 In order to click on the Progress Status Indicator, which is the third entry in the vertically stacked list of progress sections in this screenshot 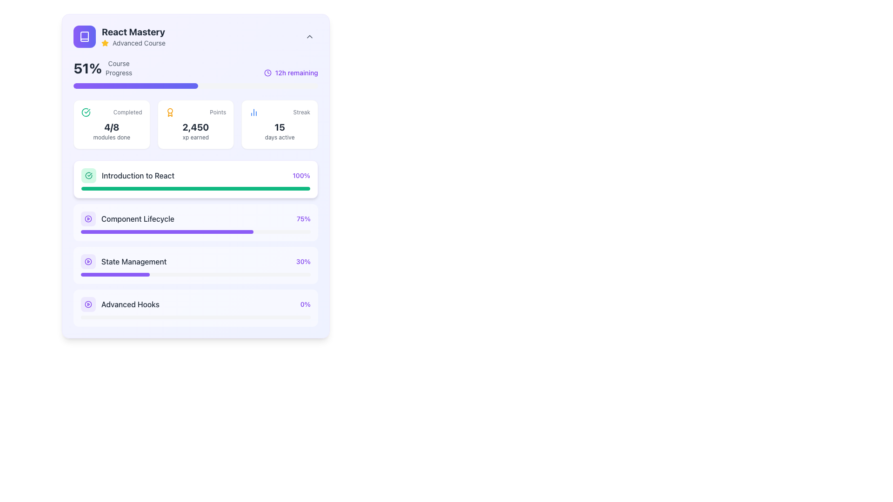, I will do `click(195, 262)`.